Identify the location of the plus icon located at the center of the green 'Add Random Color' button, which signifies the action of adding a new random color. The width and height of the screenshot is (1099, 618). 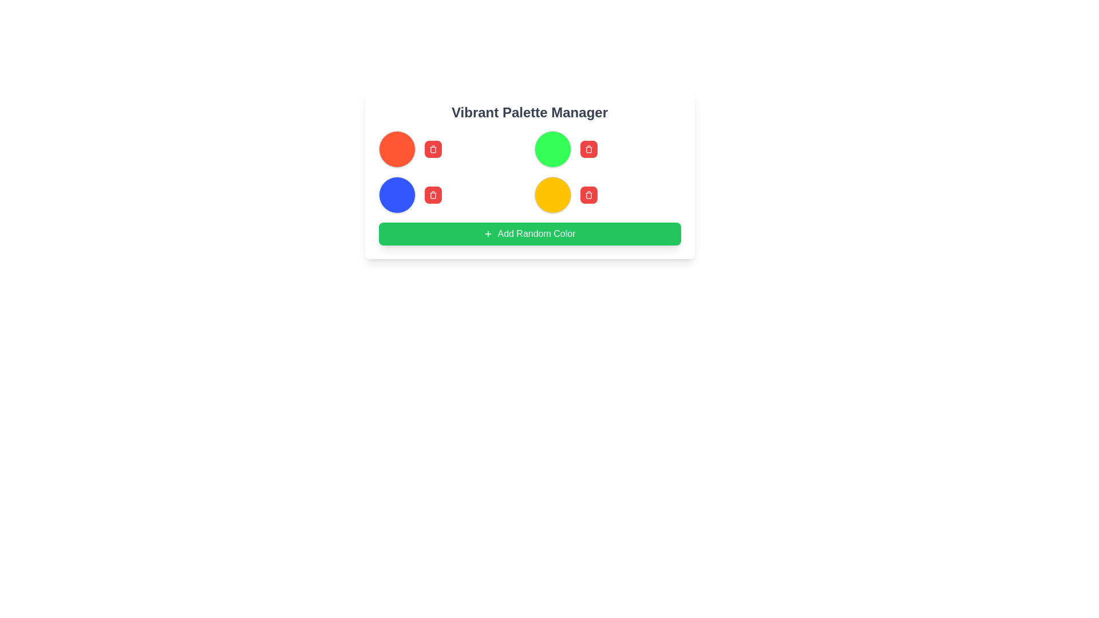
(488, 233).